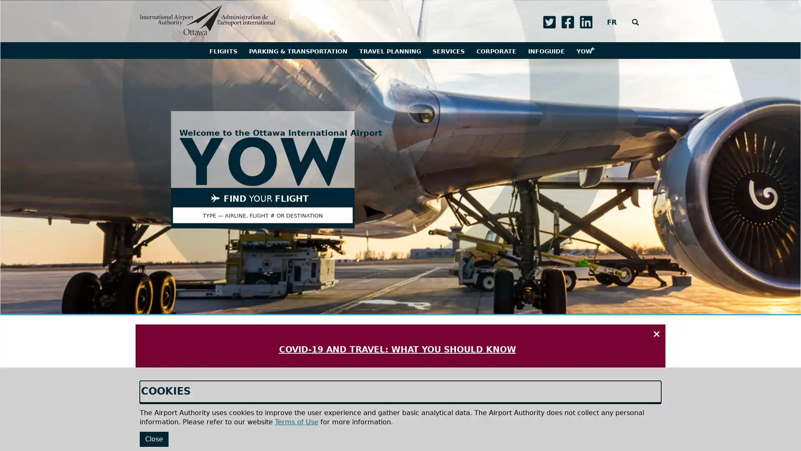 This screenshot has height=451, width=801. Describe the element at coordinates (312, 439) in the screenshot. I see `Reload Flights` at that location.